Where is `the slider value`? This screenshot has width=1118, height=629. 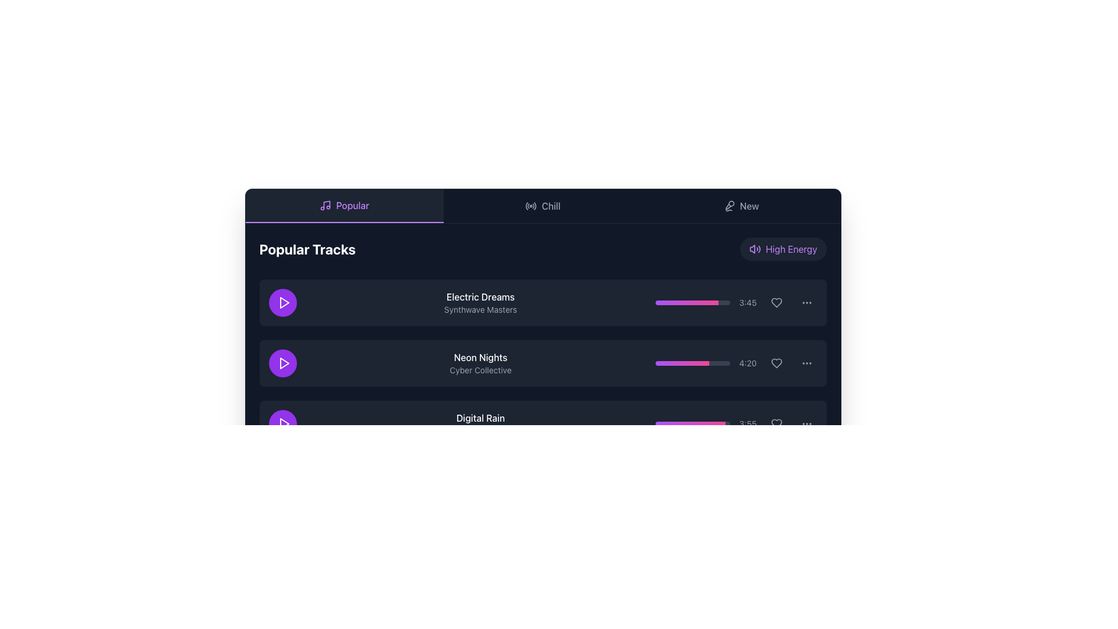 the slider value is located at coordinates (673, 424).